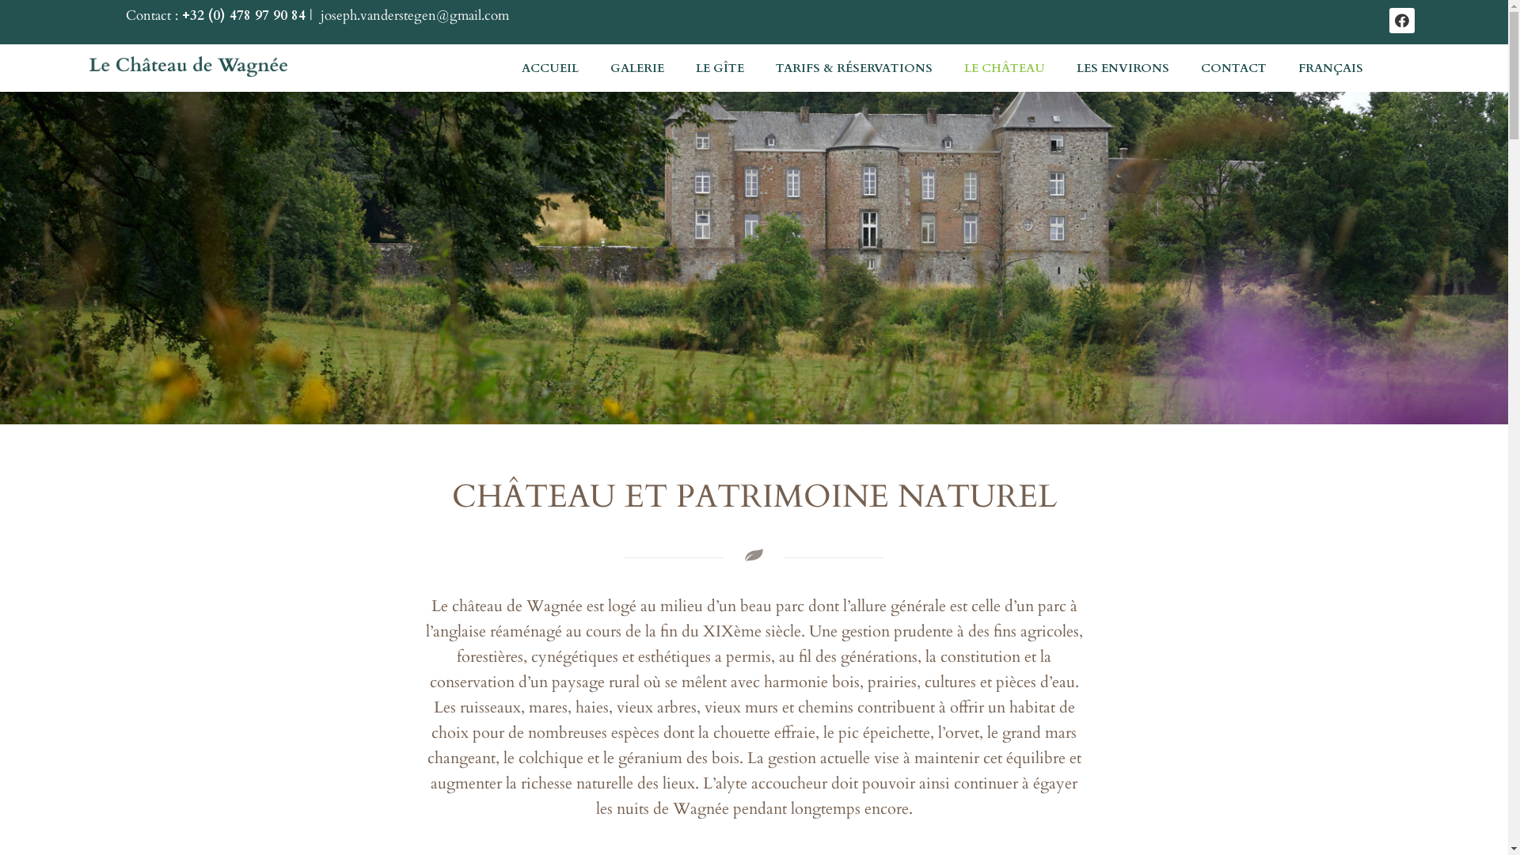 The width and height of the screenshot is (1520, 855). What do you see at coordinates (1185, 66) in the screenshot?
I see `'CONTACT'` at bounding box center [1185, 66].